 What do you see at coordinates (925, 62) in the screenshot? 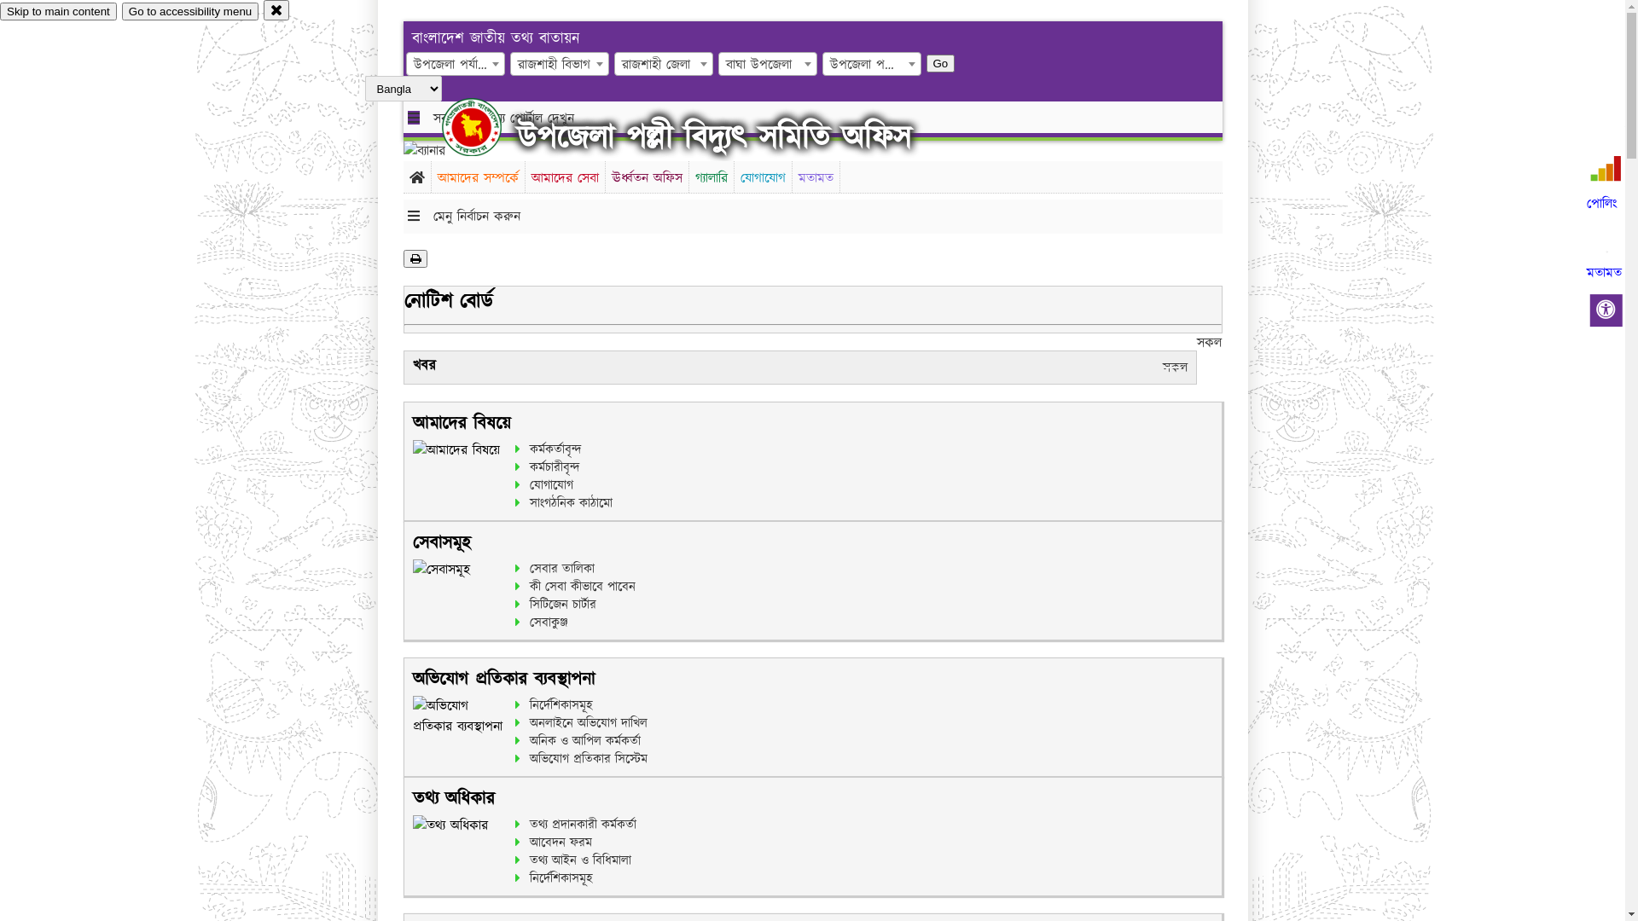
I see `'Go'` at bounding box center [925, 62].